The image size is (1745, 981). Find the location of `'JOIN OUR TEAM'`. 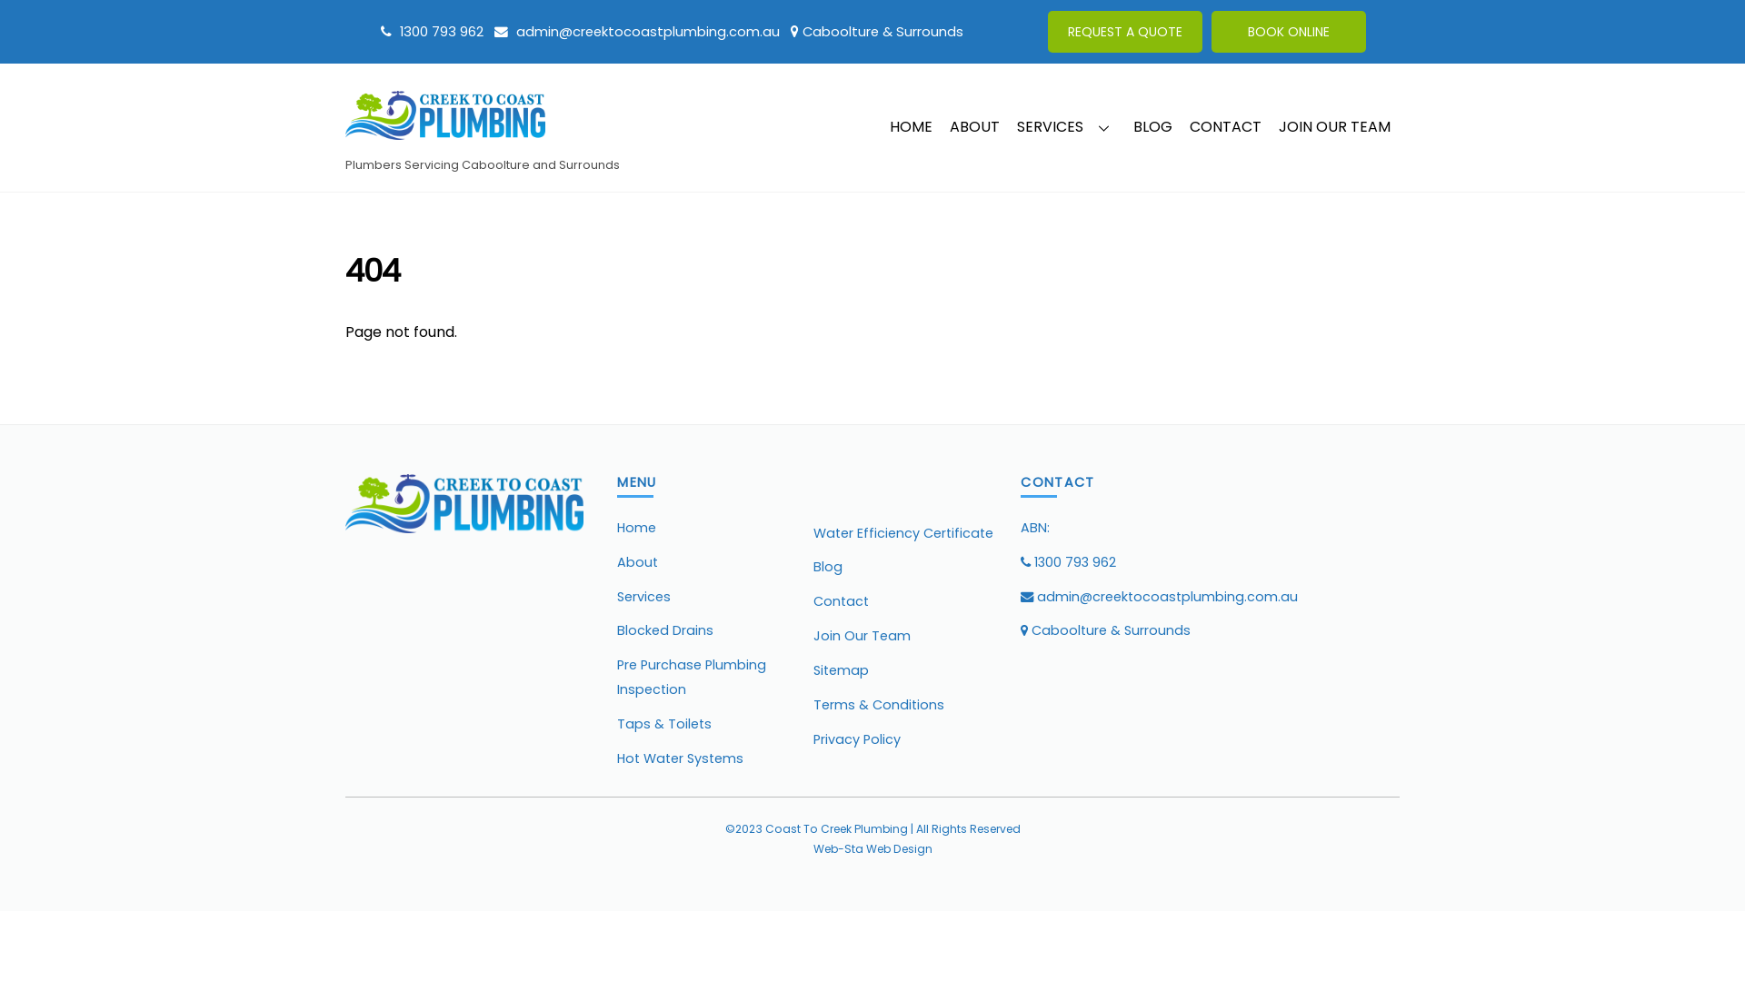

'JOIN OUR TEAM' is located at coordinates (1334, 127).